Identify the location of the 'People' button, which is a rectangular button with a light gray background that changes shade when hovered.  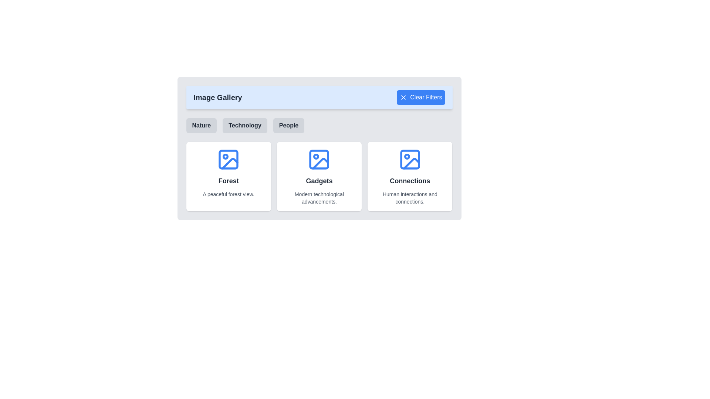
(288, 125).